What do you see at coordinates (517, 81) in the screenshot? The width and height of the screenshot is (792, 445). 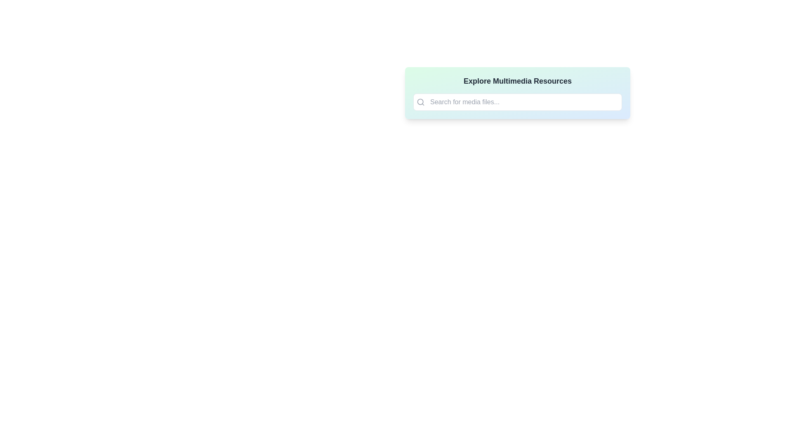 I see `the static text heading that serves as the title for the section, located above the search bar within the gradient-colored rectangular card` at bounding box center [517, 81].